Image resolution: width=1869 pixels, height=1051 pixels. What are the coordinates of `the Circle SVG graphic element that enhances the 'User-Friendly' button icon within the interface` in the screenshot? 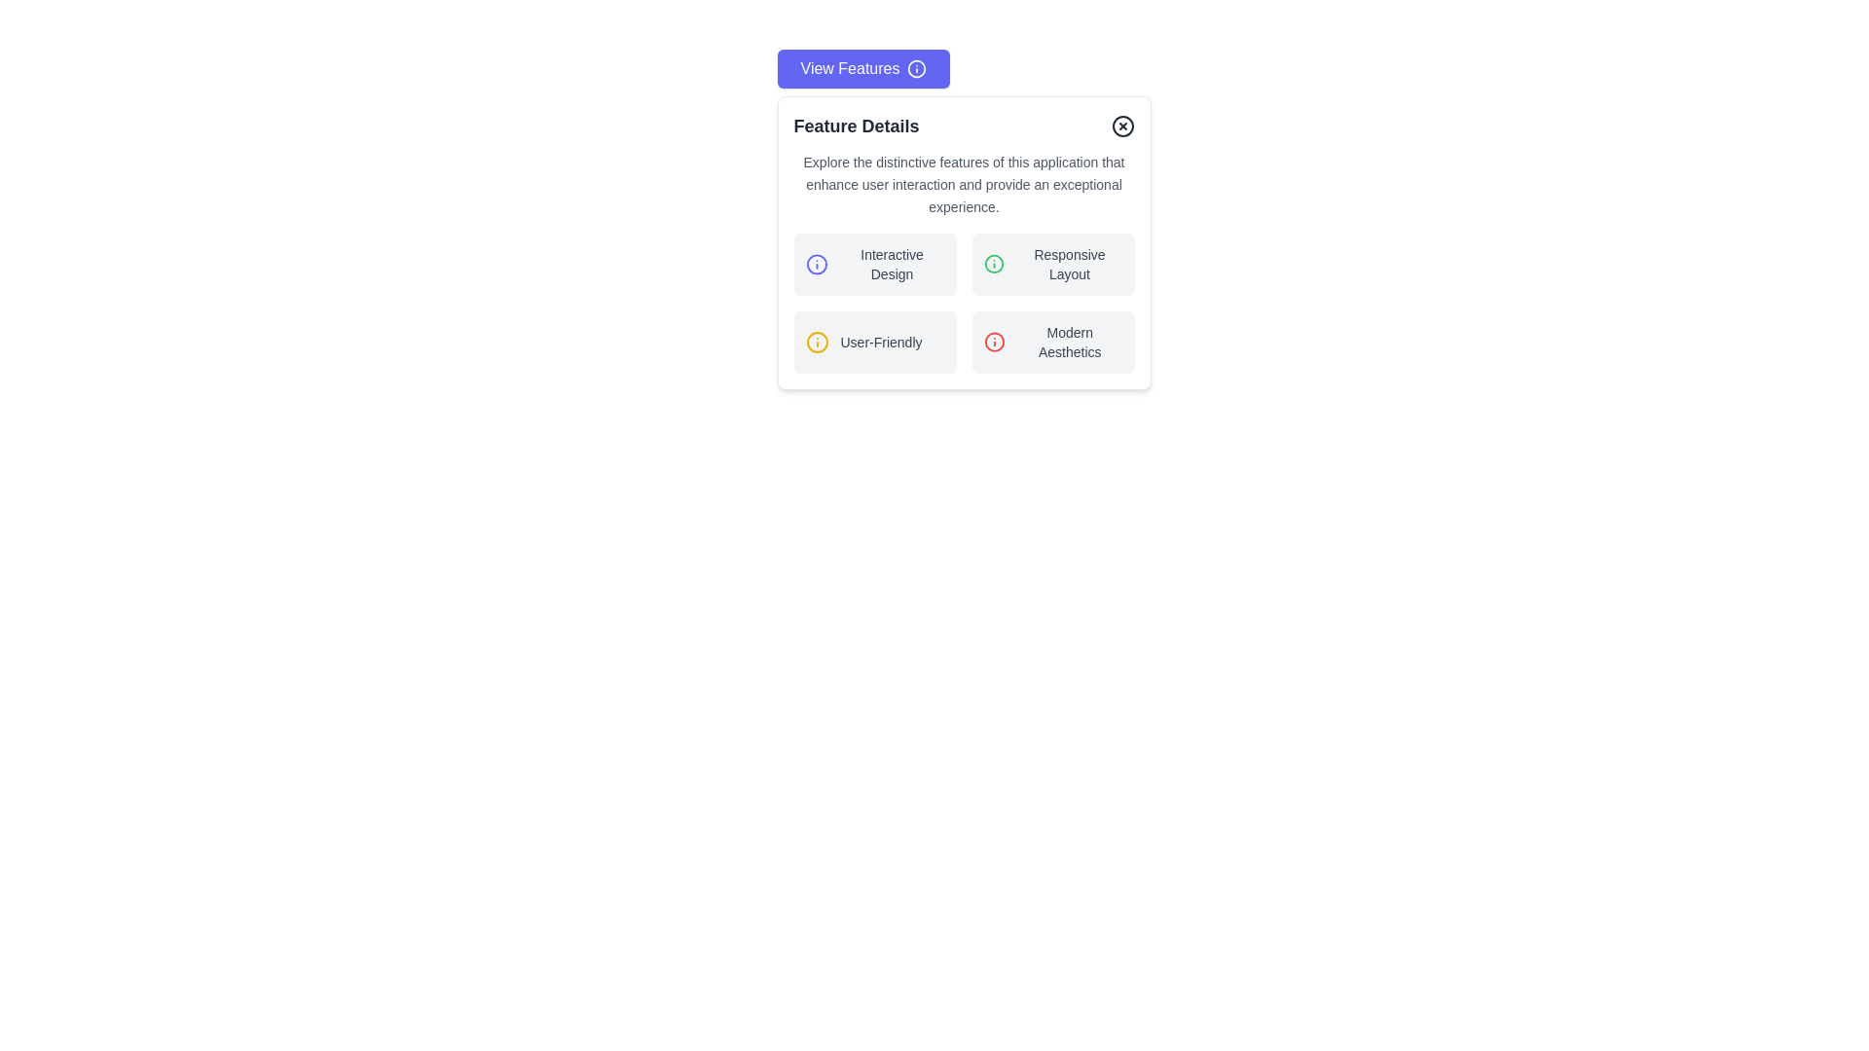 It's located at (817, 342).